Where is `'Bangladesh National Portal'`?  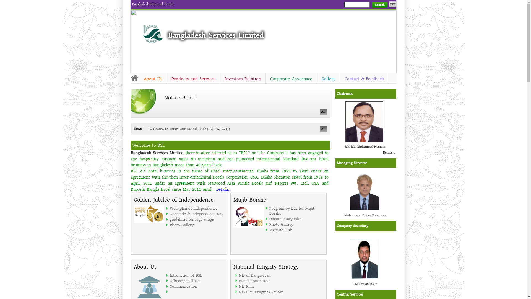
'Bangladesh National Portal' is located at coordinates (153, 4).